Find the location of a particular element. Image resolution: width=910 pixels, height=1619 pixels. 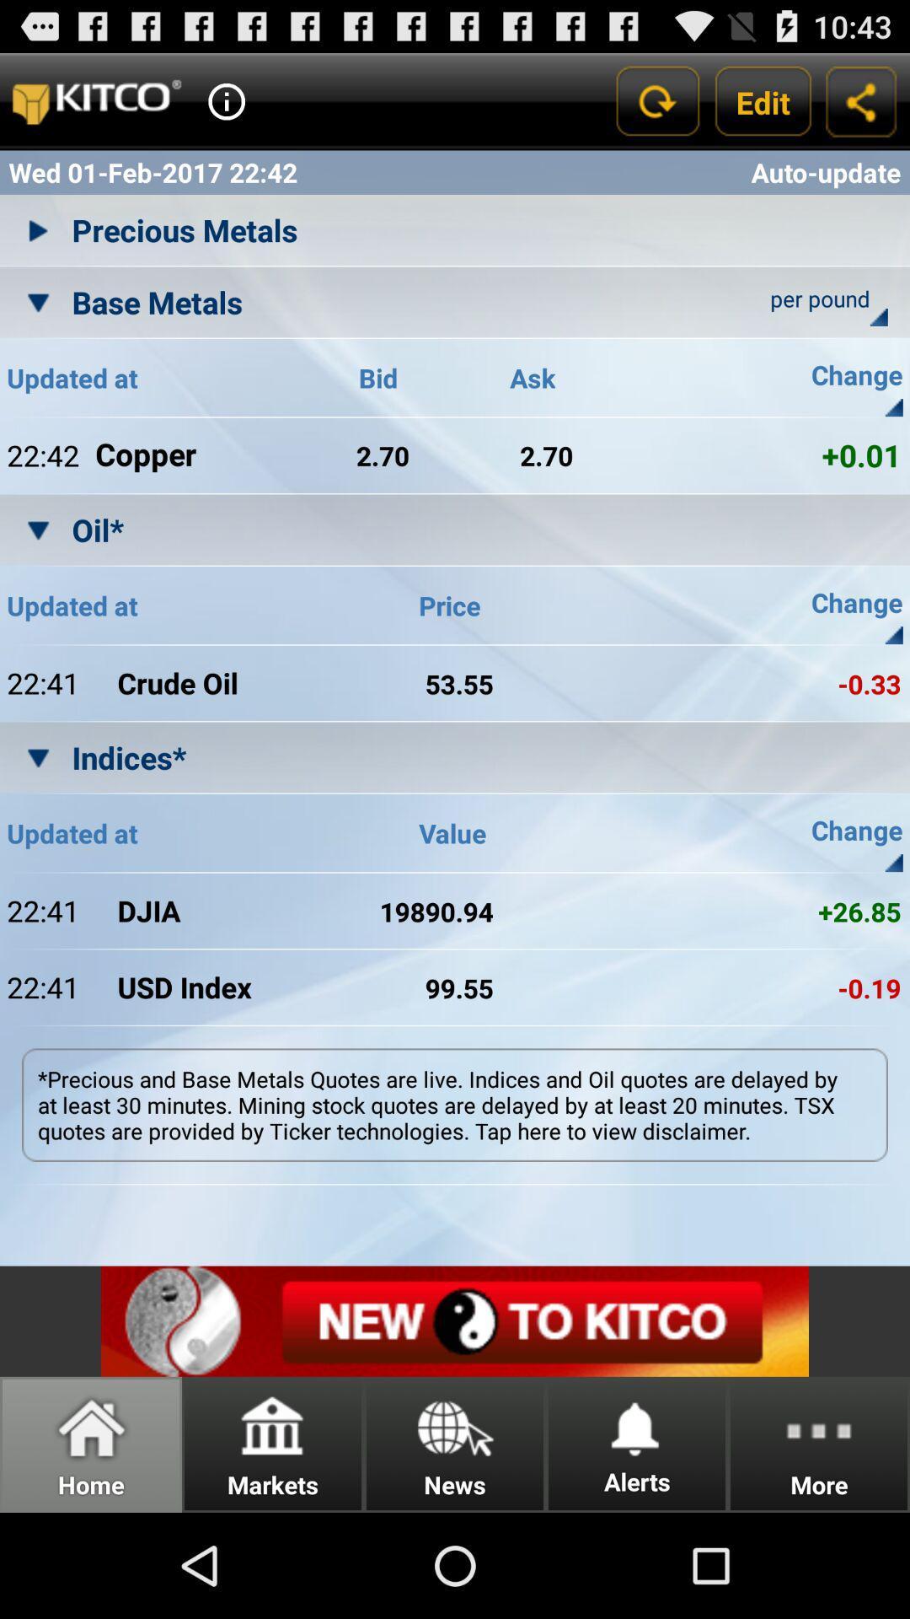

the down arrow left to indices is located at coordinates (38, 756).